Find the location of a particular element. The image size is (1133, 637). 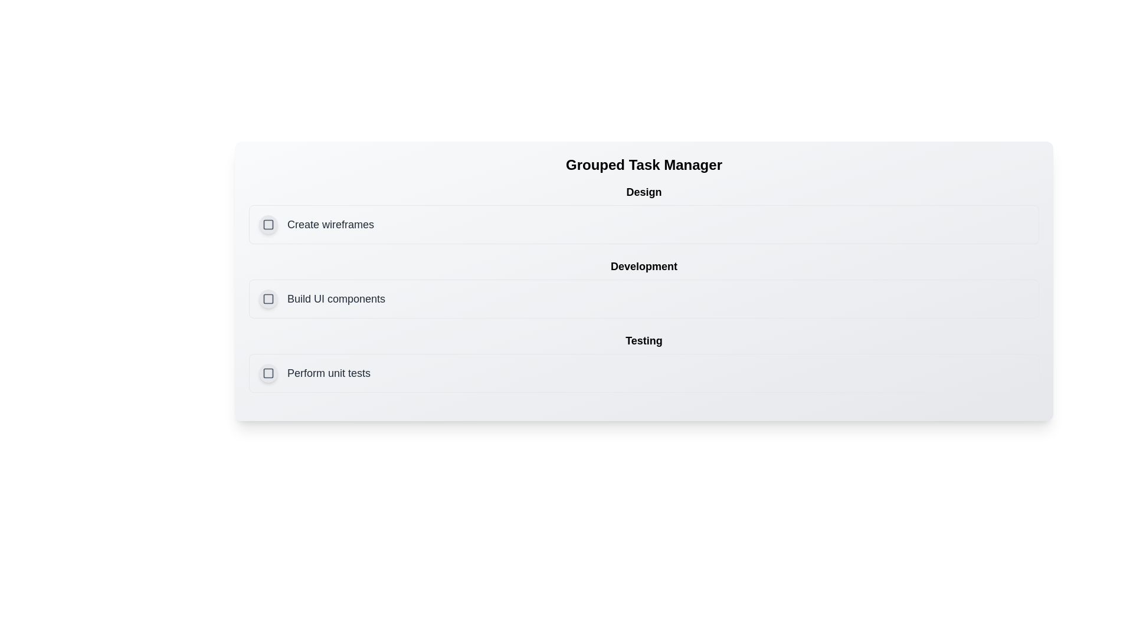

the circular toggle button with a gray background and square icon, located to the left of the text 'Perform unit tests' is located at coordinates (268, 373).